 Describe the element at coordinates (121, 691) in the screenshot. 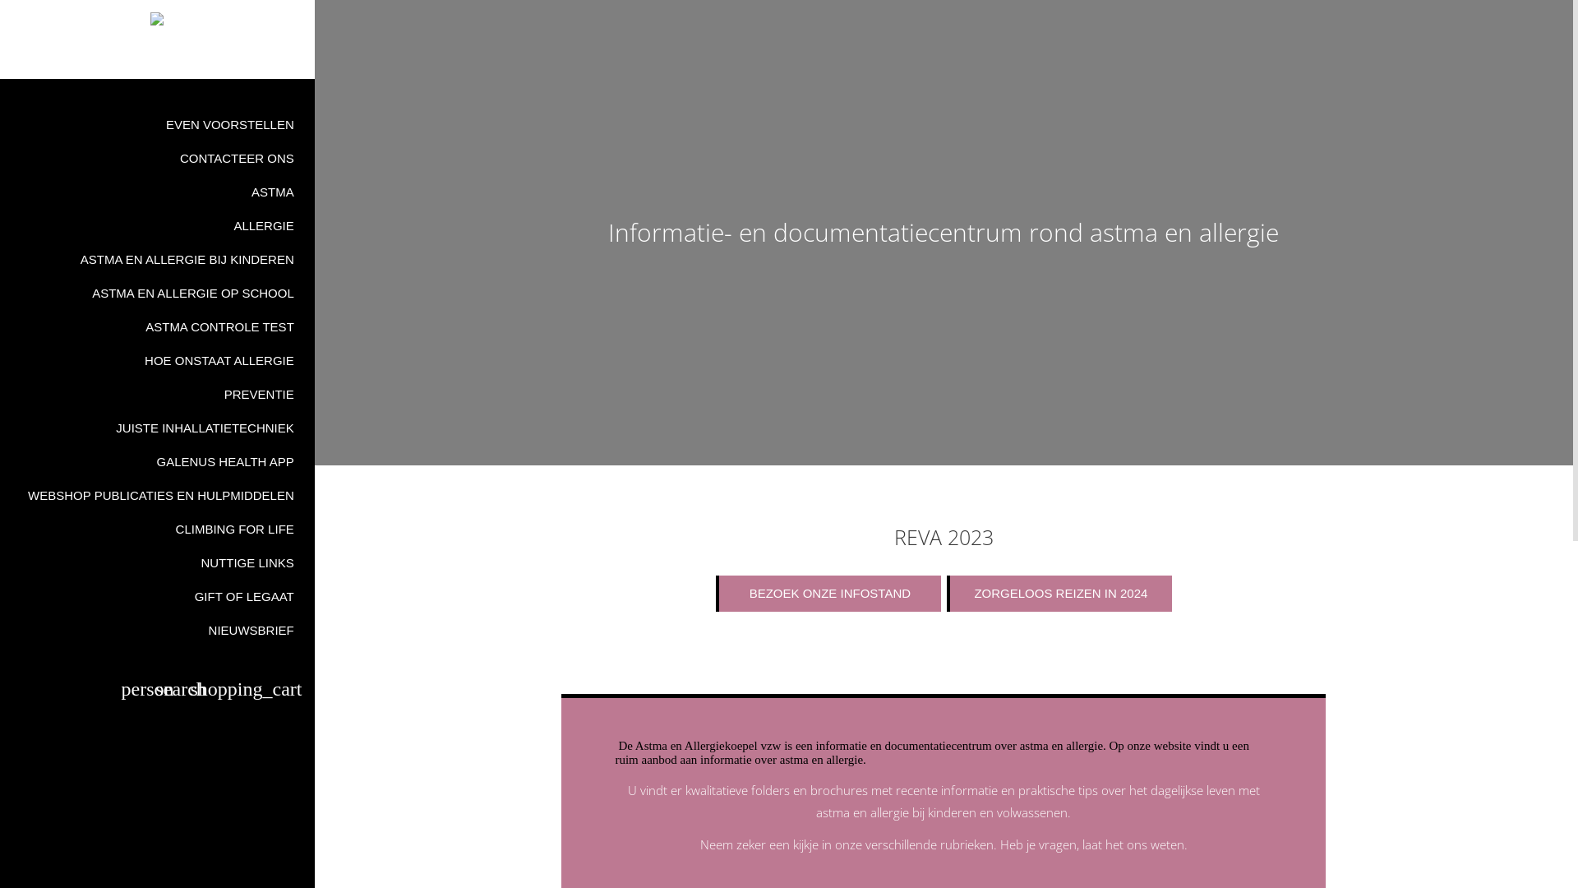

I see `'person'` at that location.